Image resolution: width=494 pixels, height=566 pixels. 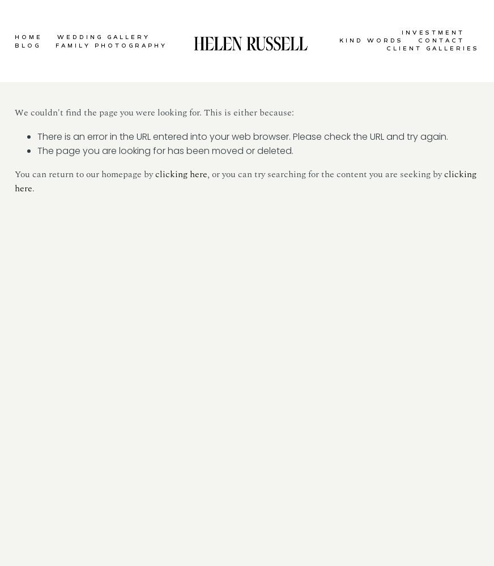 What do you see at coordinates (242, 135) in the screenshot?
I see `'There is an error in the URL entered into your web browser. Please check the URL and try again.'` at bounding box center [242, 135].